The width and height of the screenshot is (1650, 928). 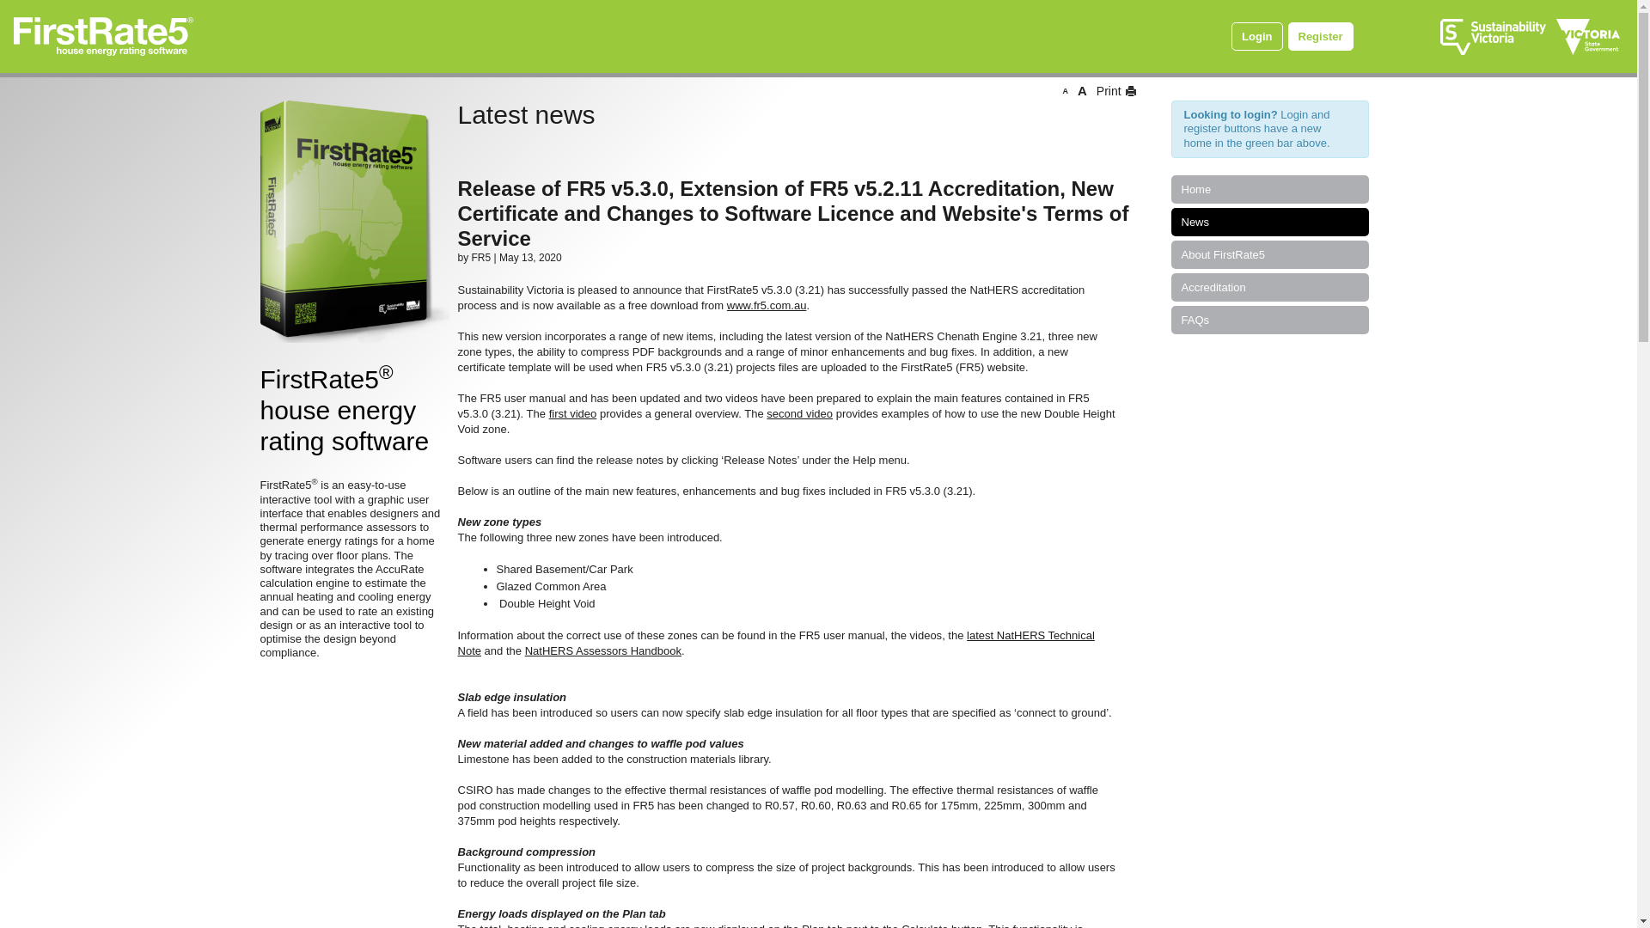 What do you see at coordinates (1081, 90) in the screenshot?
I see `'A'` at bounding box center [1081, 90].